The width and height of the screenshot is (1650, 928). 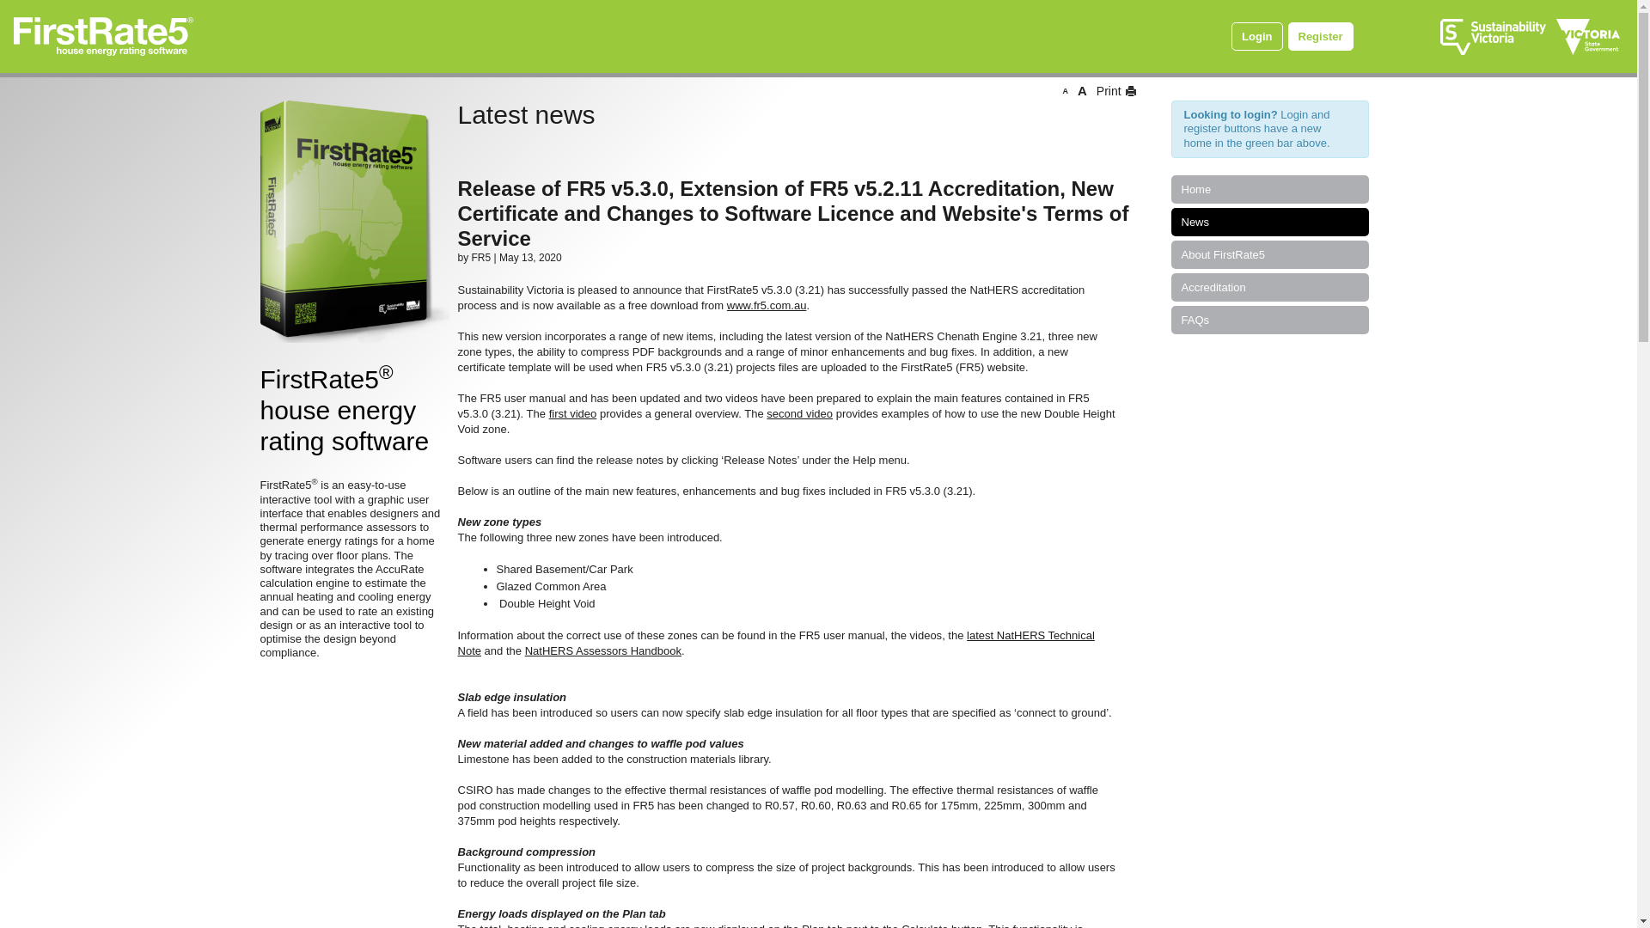 What do you see at coordinates (1081, 90) in the screenshot?
I see `'A'` at bounding box center [1081, 90].